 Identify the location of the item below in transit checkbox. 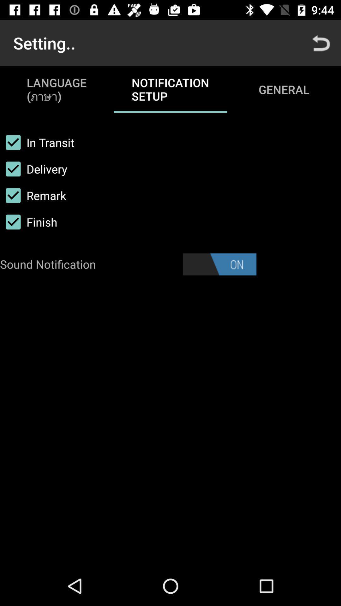
(33, 169).